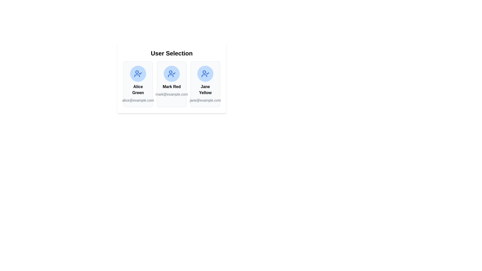 This screenshot has width=482, height=271. What do you see at coordinates (205, 74) in the screenshot?
I see `the 'verified' icon component with a circular background located above the title 'Jane Yellow' in the third user card from the left` at bounding box center [205, 74].